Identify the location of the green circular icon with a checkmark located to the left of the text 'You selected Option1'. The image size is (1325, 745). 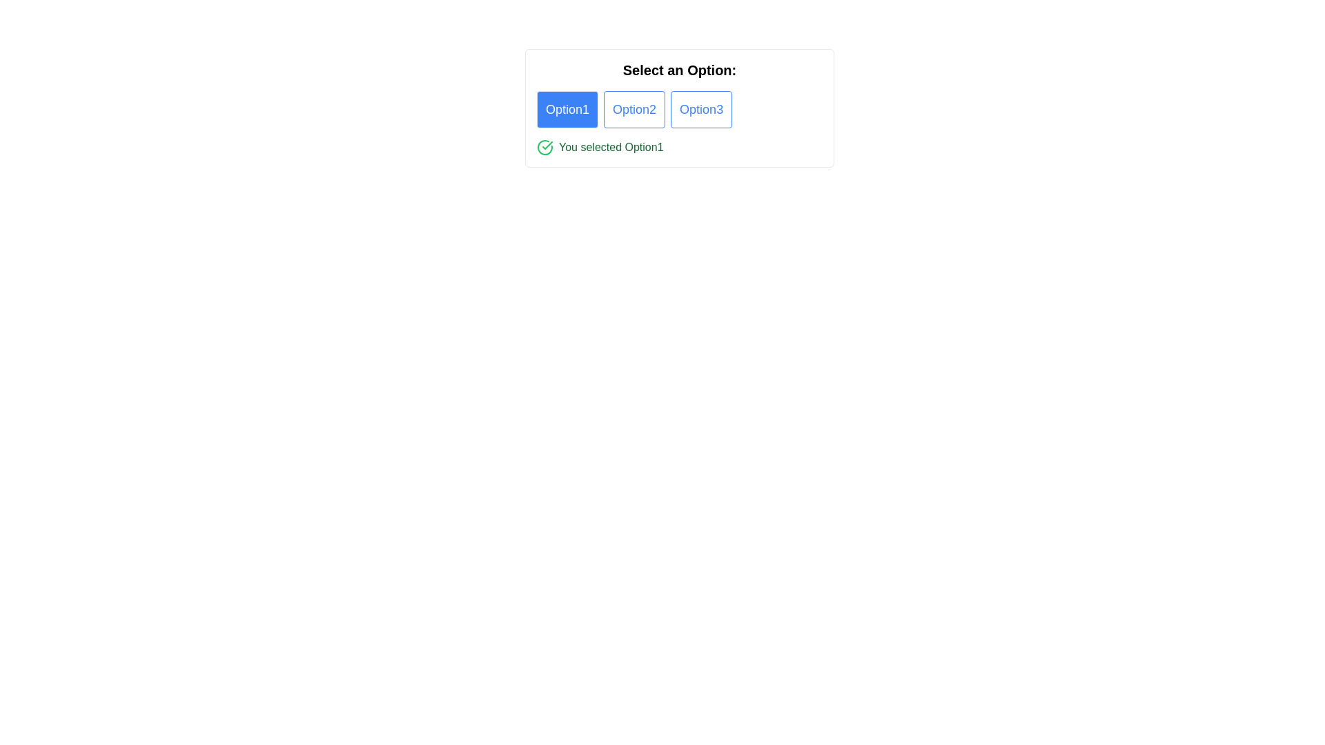
(544, 147).